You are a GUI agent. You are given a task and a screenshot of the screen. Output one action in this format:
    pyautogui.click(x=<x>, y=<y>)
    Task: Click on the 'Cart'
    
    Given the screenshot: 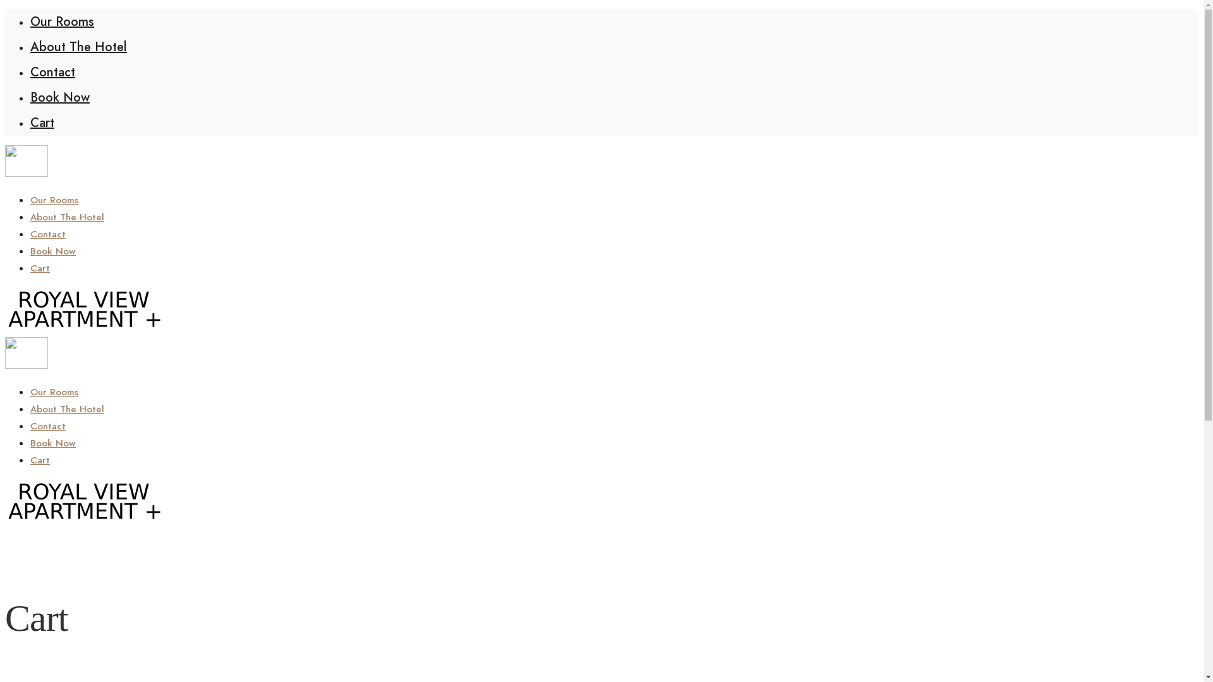 What is the action you would take?
    pyautogui.click(x=40, y=267)
    